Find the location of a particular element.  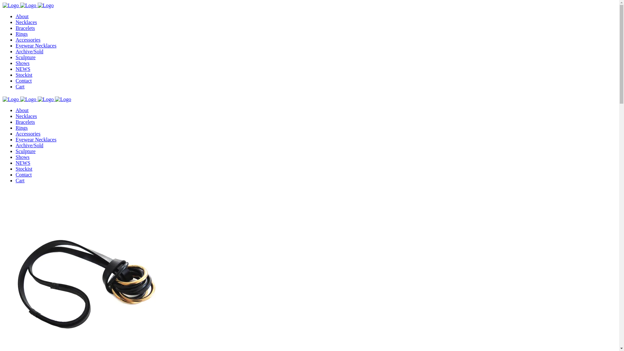

'Bracelets' is located at coordinates (25, 28).